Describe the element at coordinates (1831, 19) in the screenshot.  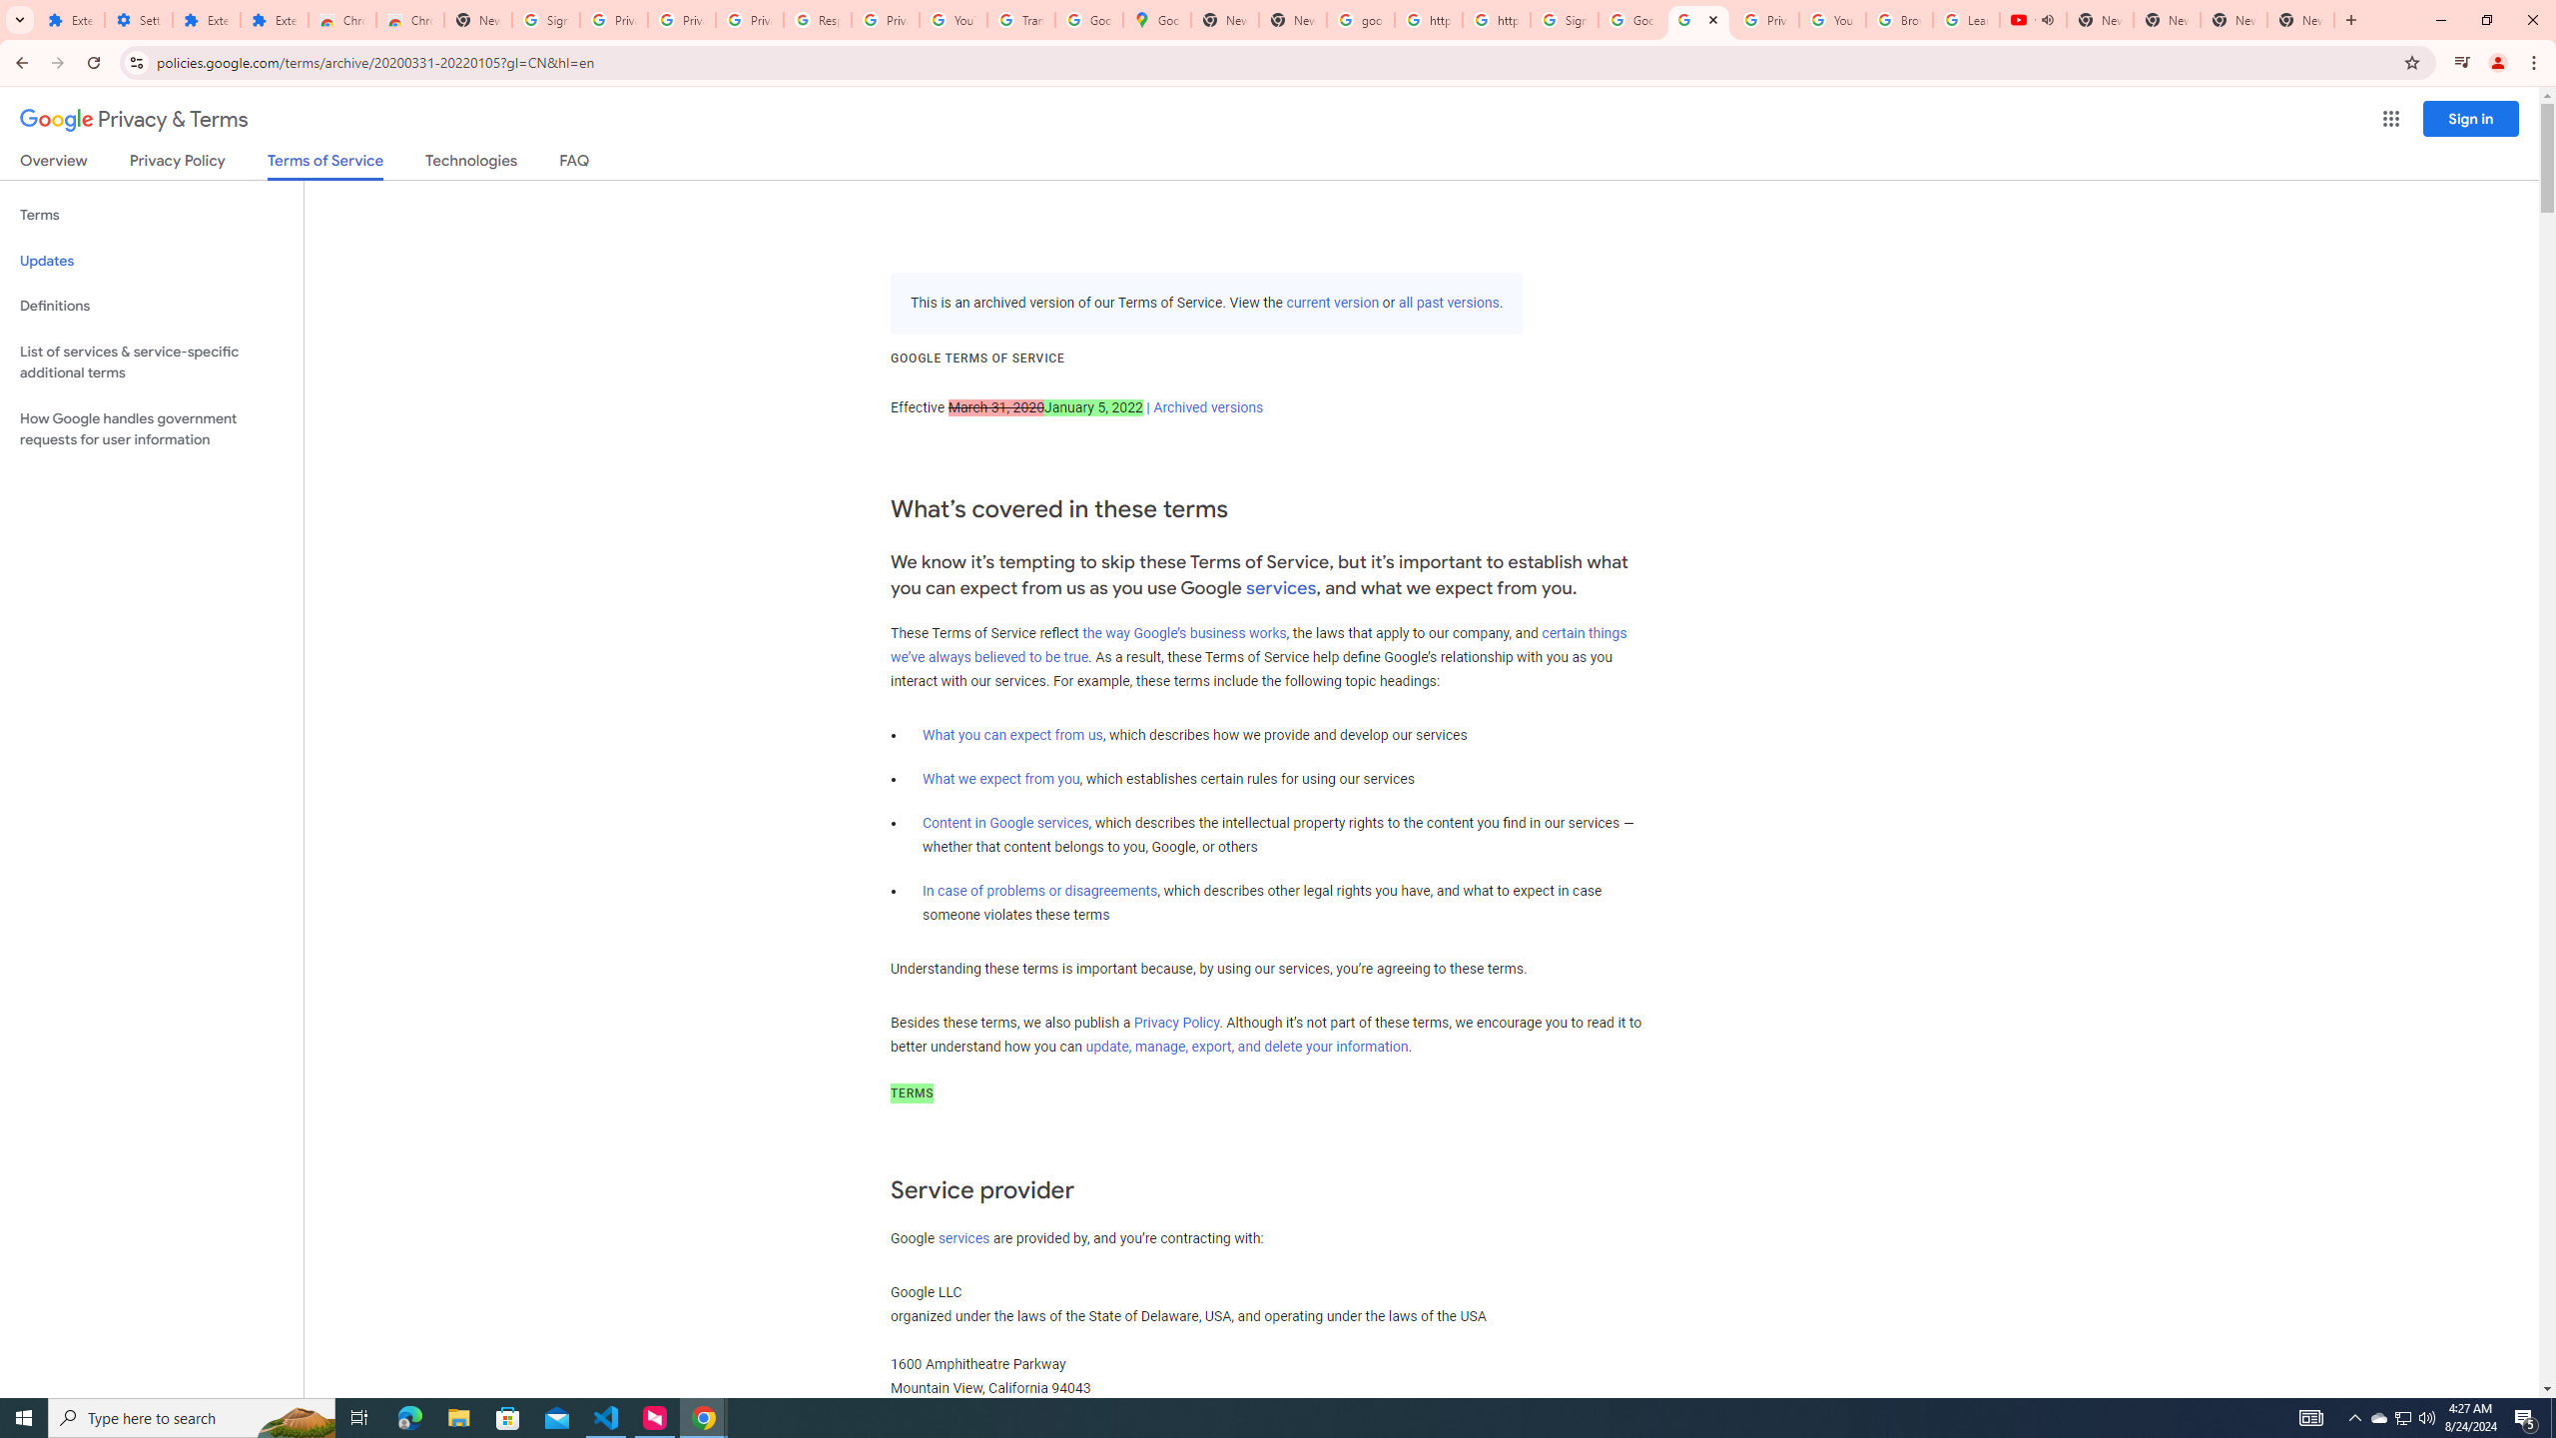
I see `'YouTube'` at that location.